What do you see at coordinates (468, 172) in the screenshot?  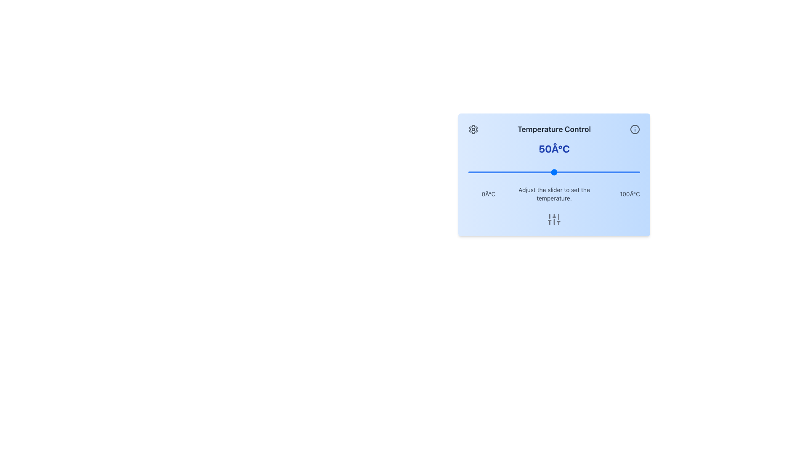 I see `temperature` at bounding box center [468, 172].